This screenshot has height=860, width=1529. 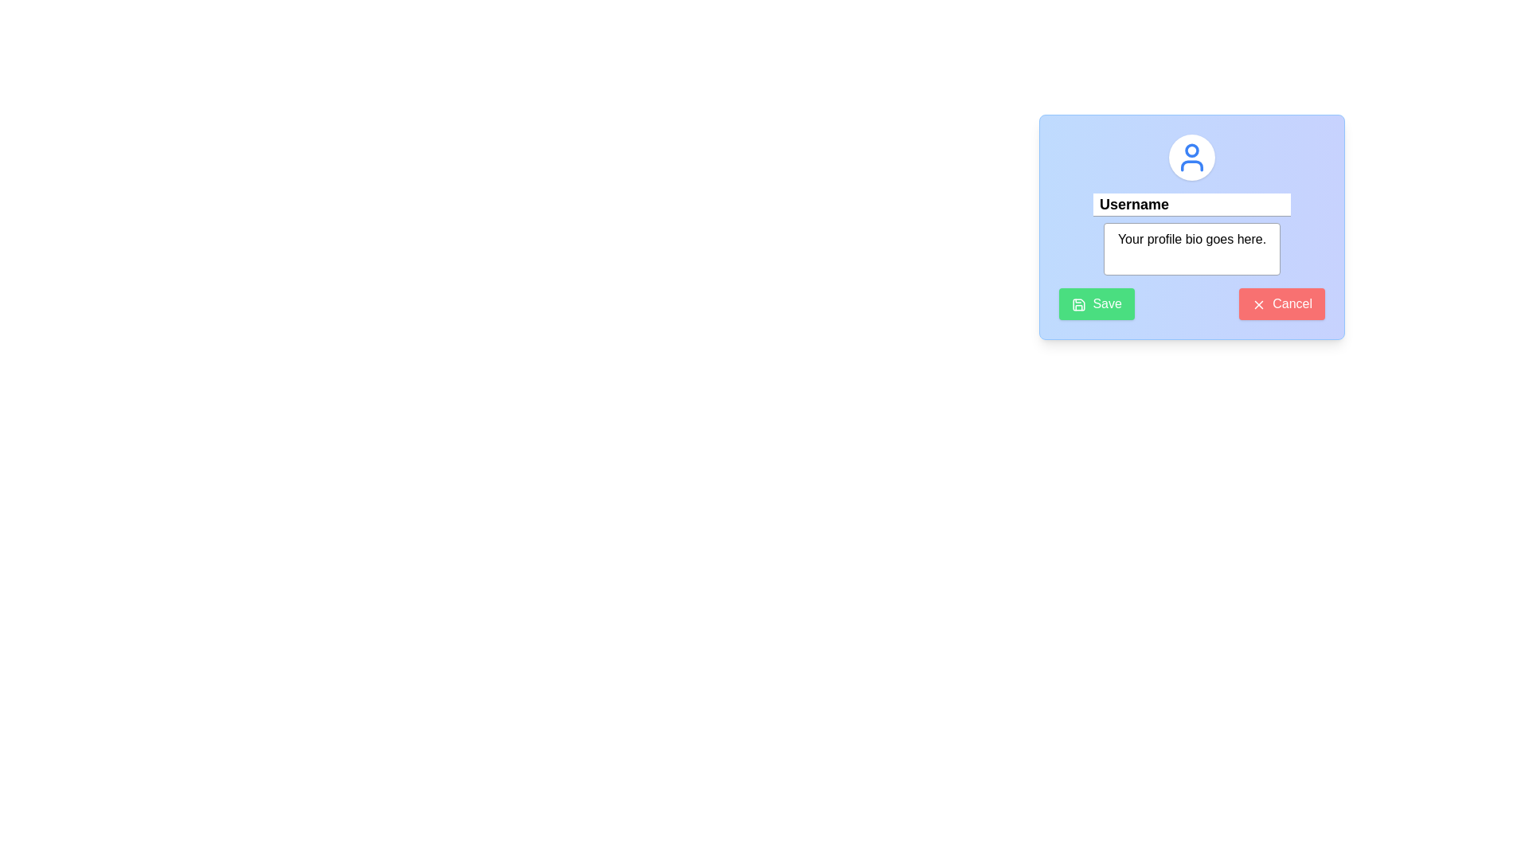 I want to click on the 'X' icon within the 'Cancel' button, so click(x=1257, y=304).